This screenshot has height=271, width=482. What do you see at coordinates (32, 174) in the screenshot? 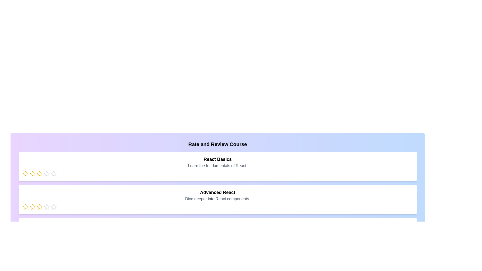
I see `the third star in a five-star rating system` at bounding box center [32, 174].